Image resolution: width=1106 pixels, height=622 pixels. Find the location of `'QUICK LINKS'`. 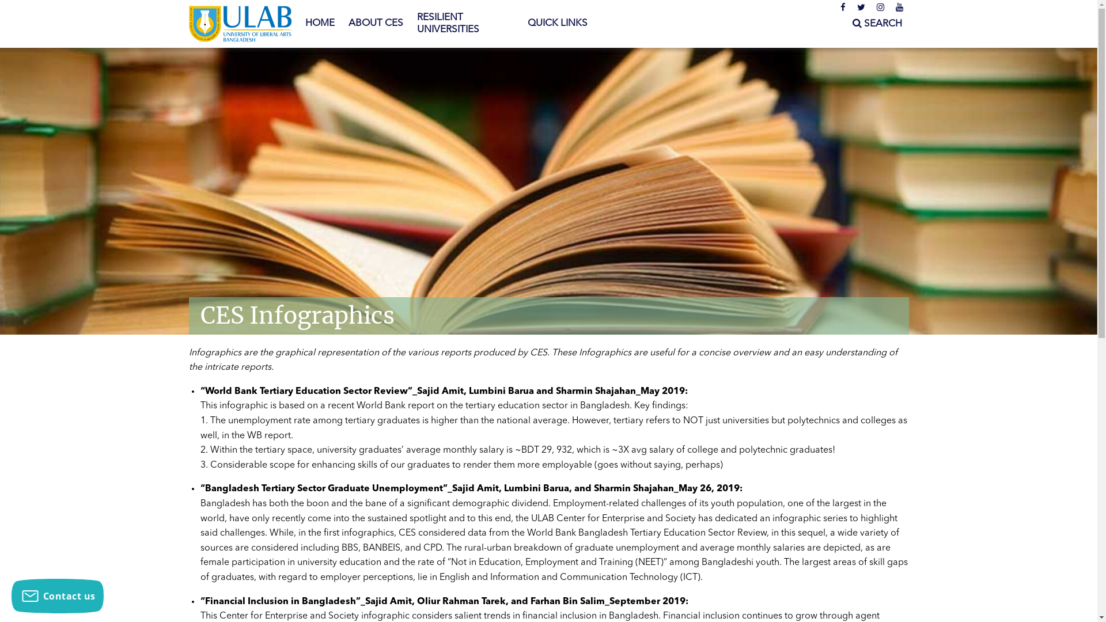

'QUICK LINKS' is located at coordinates (558, 24).